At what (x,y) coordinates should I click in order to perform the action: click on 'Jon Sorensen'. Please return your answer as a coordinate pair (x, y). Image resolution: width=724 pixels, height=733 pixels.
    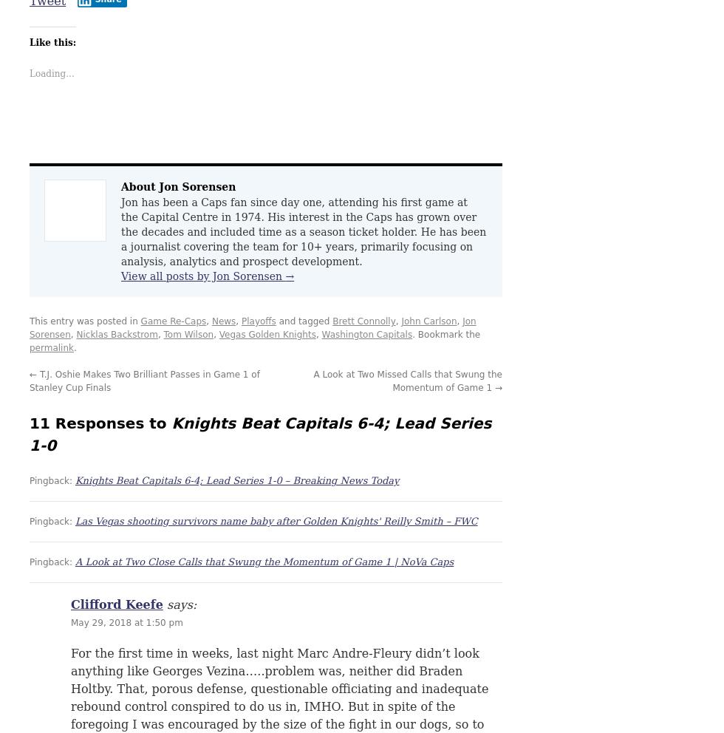
    Looking at the image, I should click on (253, 327).